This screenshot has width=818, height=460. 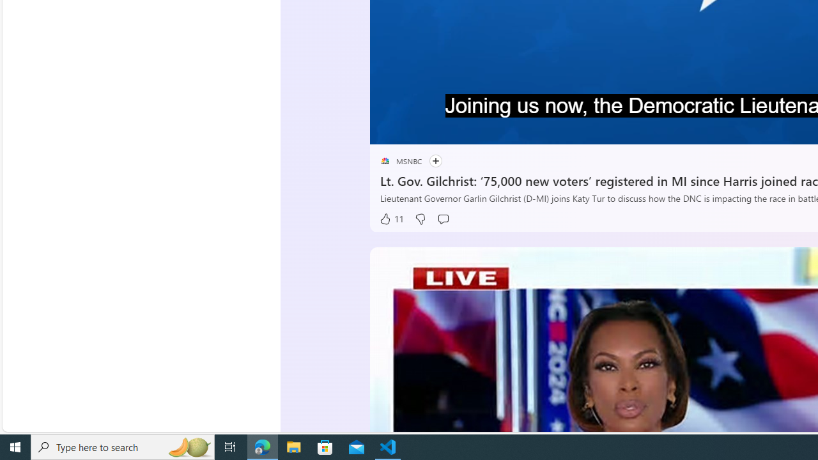 I want to click on '11 Like', so click(x=390, y=218).